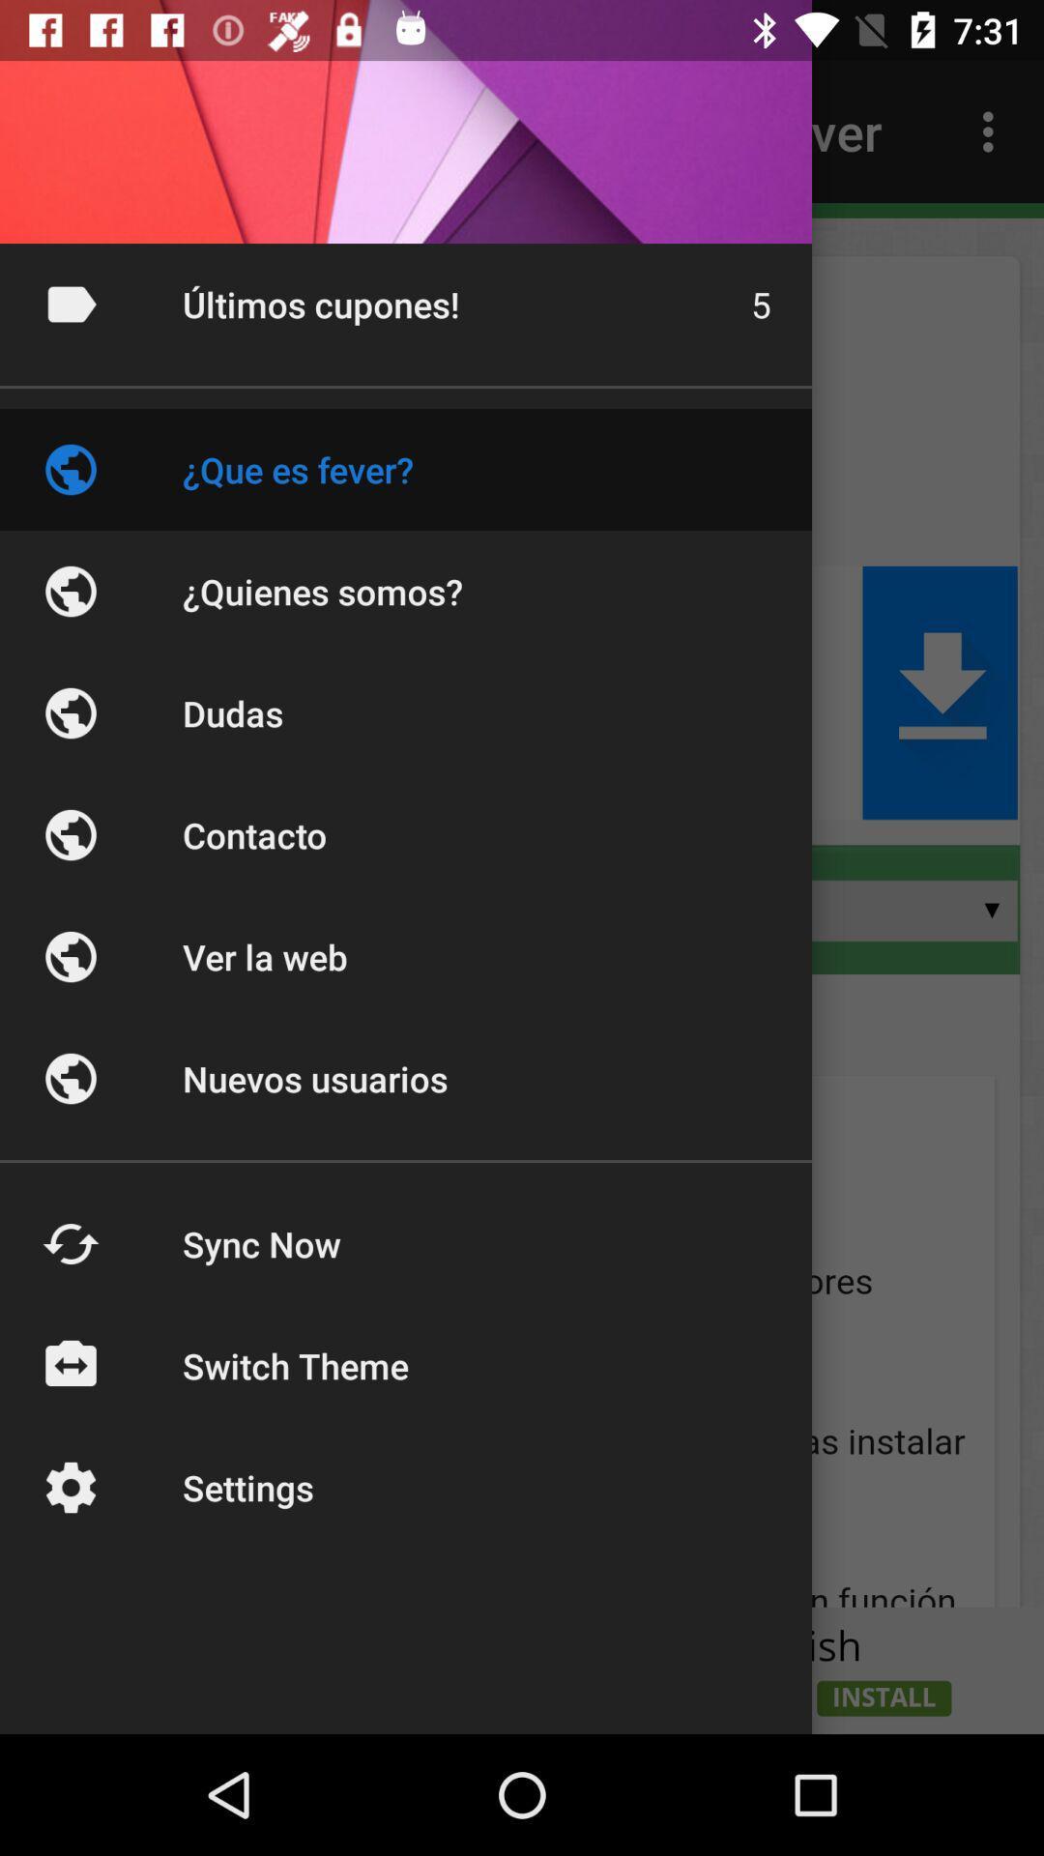 The width and height of the screenshot is (1044, 1856). I want to click on icon left to text sync now, so click(70, 1243).